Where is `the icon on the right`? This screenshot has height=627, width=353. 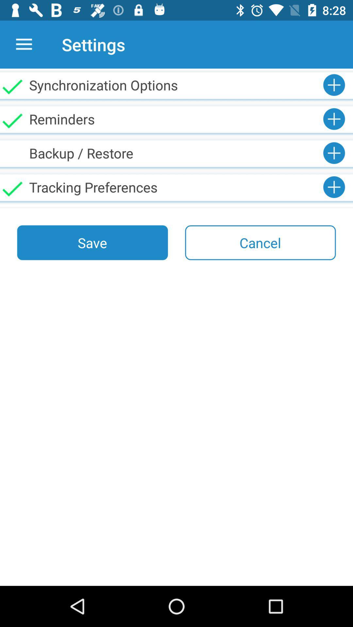 the icon on the right is located at coordinates (260, 242).